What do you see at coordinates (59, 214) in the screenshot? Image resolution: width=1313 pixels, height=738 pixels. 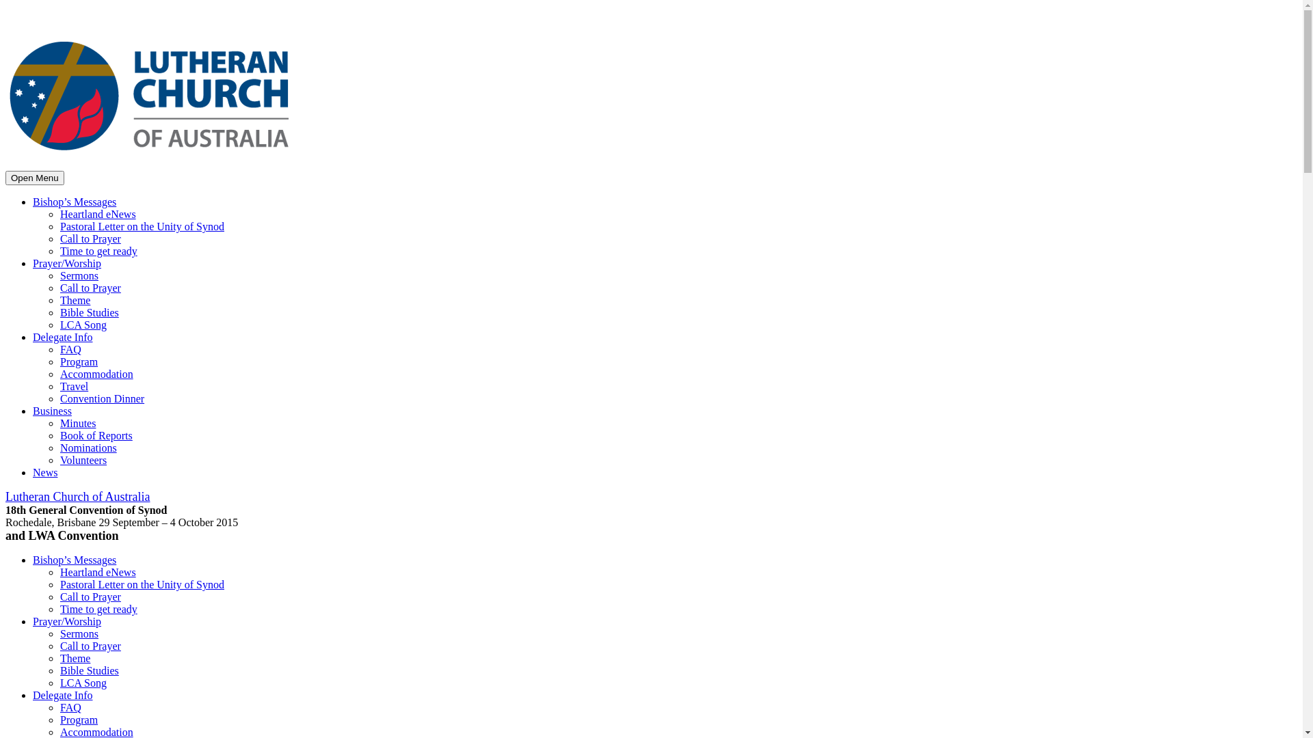 I see `'Heartland eNews'` at bounding box center [59, 214].